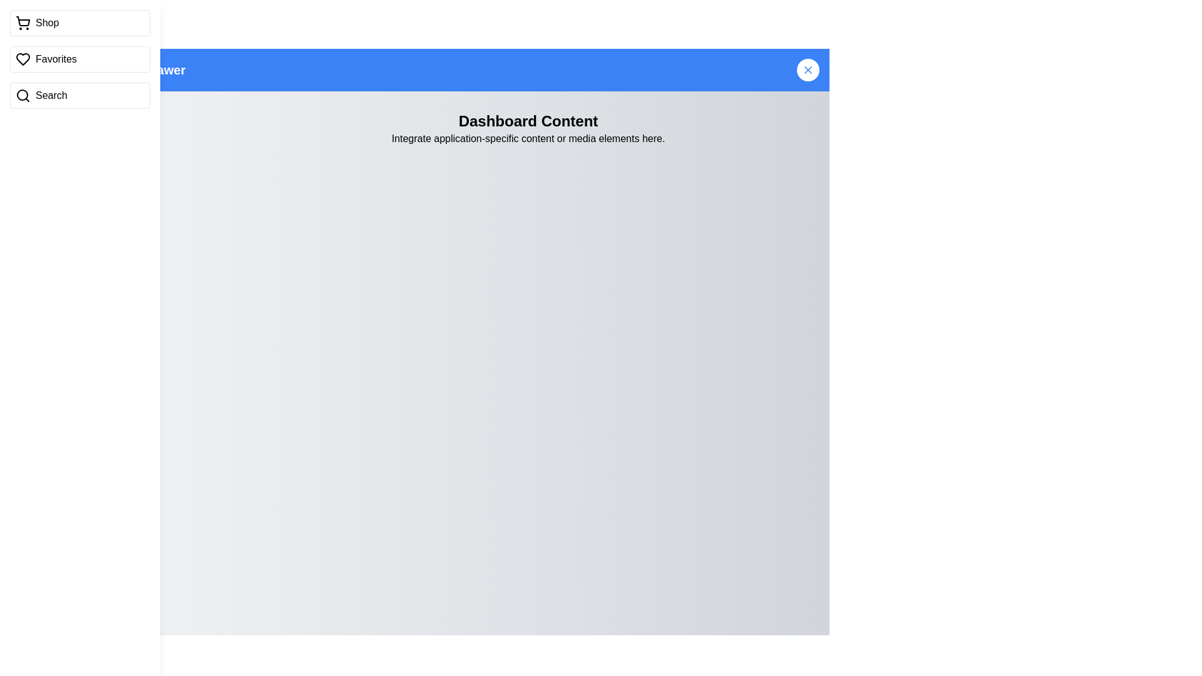  I want to click on the 'Close' button icon located in the top-right corner of the interface, so click(808, 69).